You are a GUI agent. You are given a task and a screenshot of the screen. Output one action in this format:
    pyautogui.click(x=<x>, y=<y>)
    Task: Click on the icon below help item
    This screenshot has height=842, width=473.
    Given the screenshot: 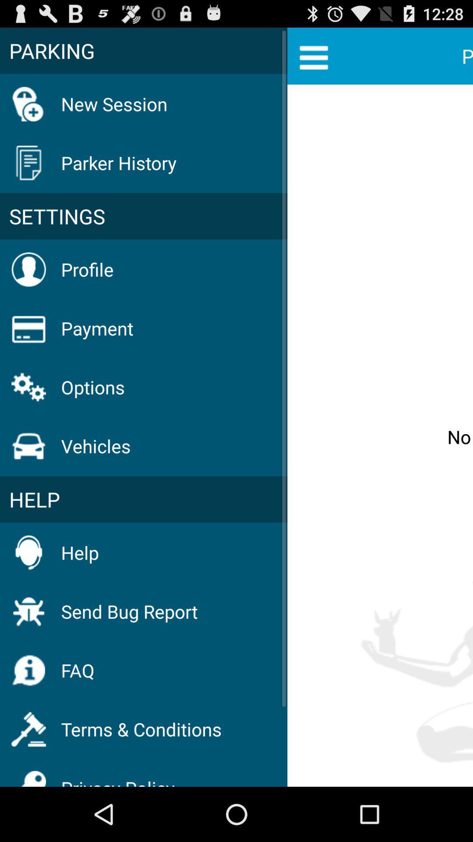 What is the action you would take?
    pyautogui.click(x=129, y=611)
    